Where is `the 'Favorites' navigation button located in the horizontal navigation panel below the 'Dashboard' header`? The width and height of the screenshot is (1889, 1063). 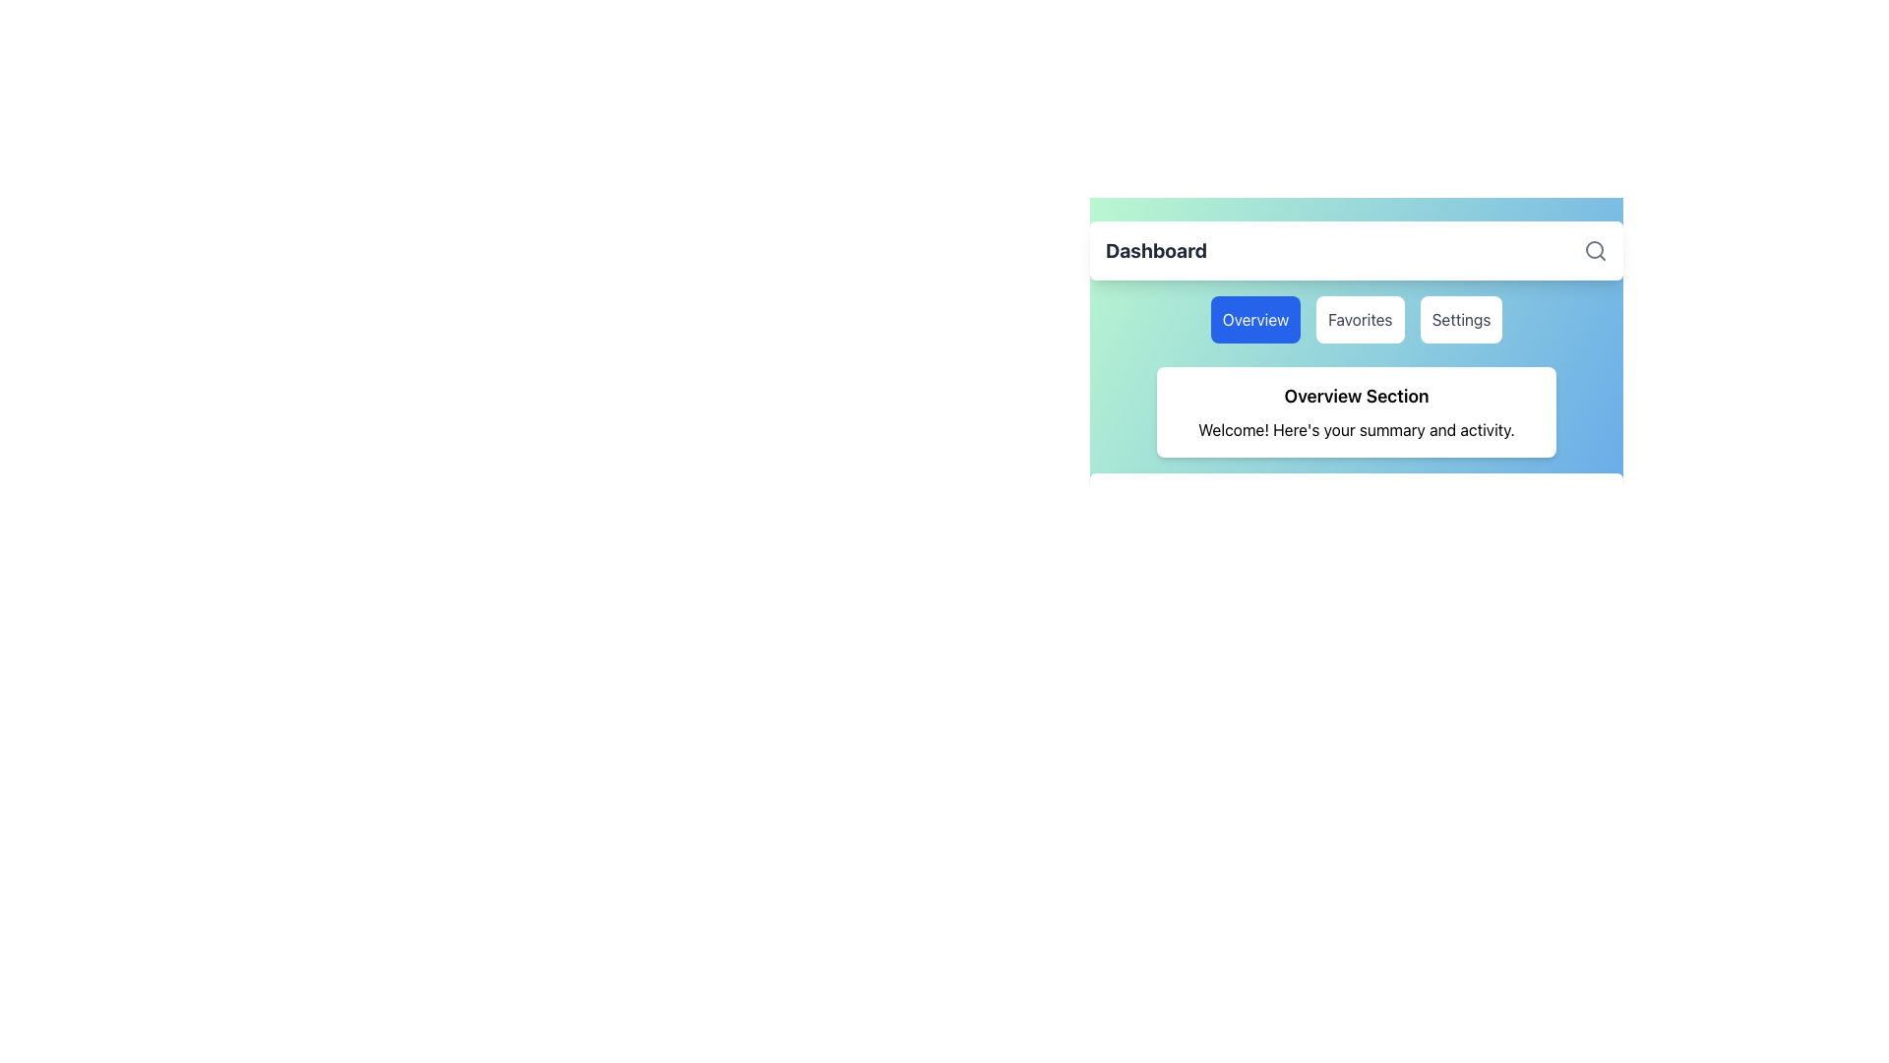
the 'Favorites' navigation button located in the horizontal navigation panel below the 'Dashboard' header is located at coordinates (1355, 318).